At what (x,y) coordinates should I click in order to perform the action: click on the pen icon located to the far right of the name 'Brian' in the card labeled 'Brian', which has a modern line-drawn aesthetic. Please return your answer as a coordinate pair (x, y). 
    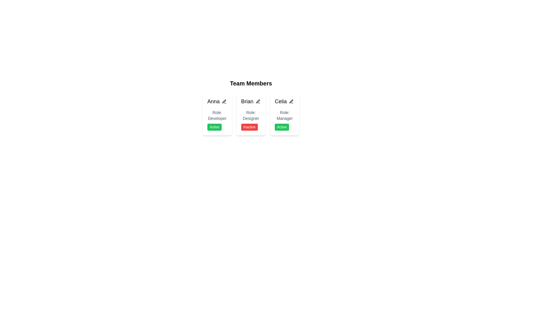
    Looking at the image, I should click on (258, 101).